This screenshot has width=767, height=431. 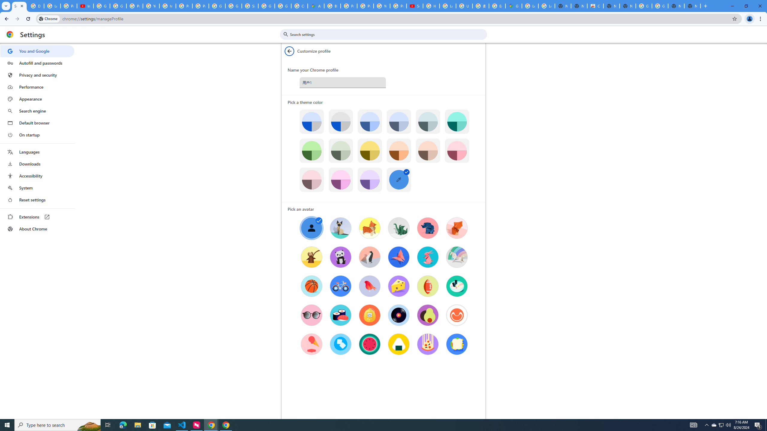 I want to click on 'About Chrome', so click(x=37, y=228).